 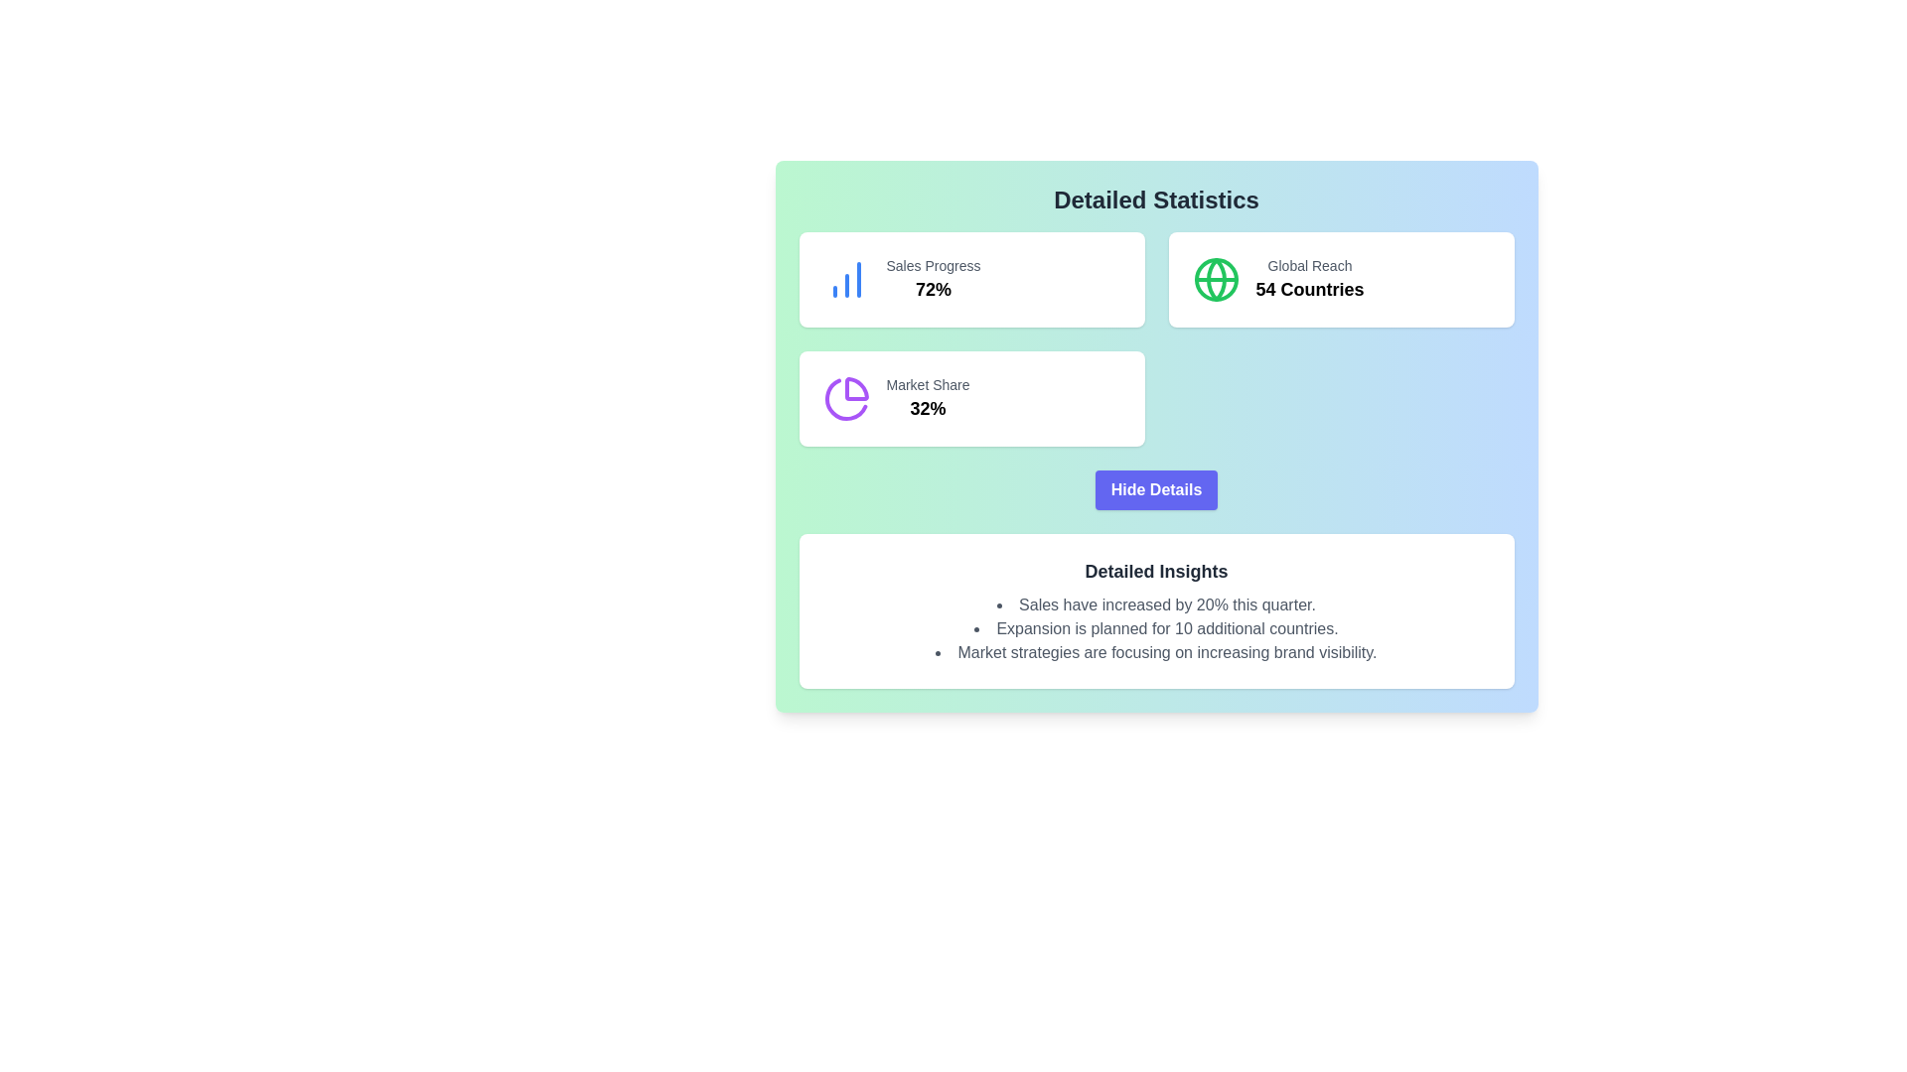 I want to click on the Icon - Chart Representation, which visually represents sales progress with a bar chart icon, located inside a white card at the top-left corner of the interface, next to the text 'Sales Progress 72%', so click(x=846, y=279).